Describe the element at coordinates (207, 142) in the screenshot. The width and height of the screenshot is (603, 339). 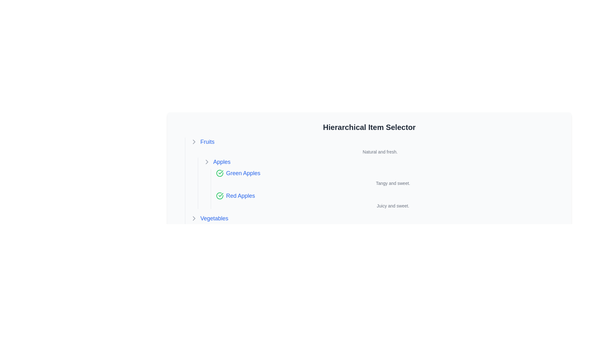
I see `the interactive text link` at that location.